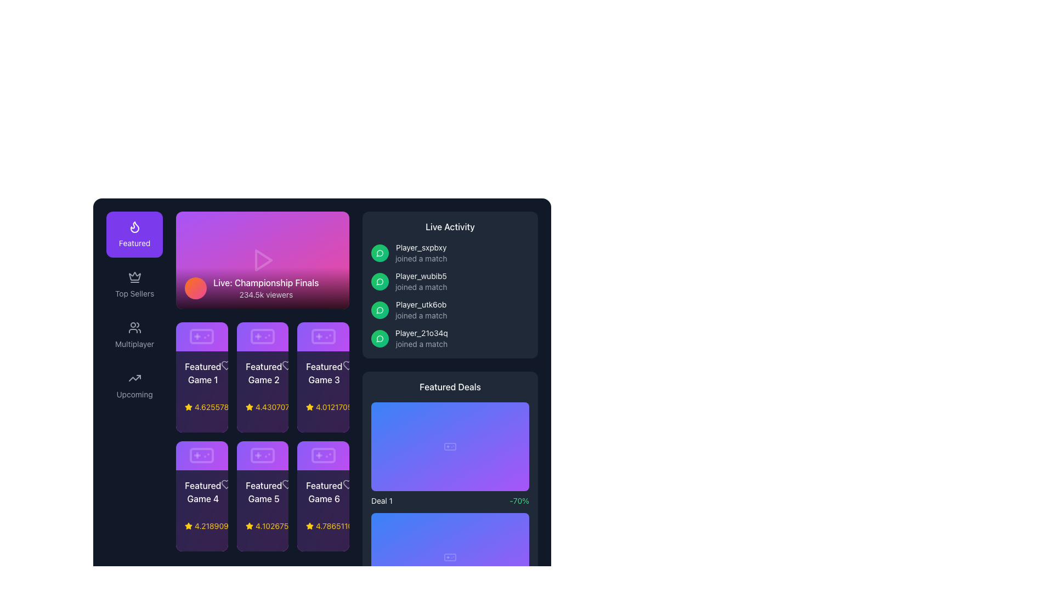 This screenshot has height=592, width=1053. I want to click on the interactive card in the top row, third column, so click(322, 377).